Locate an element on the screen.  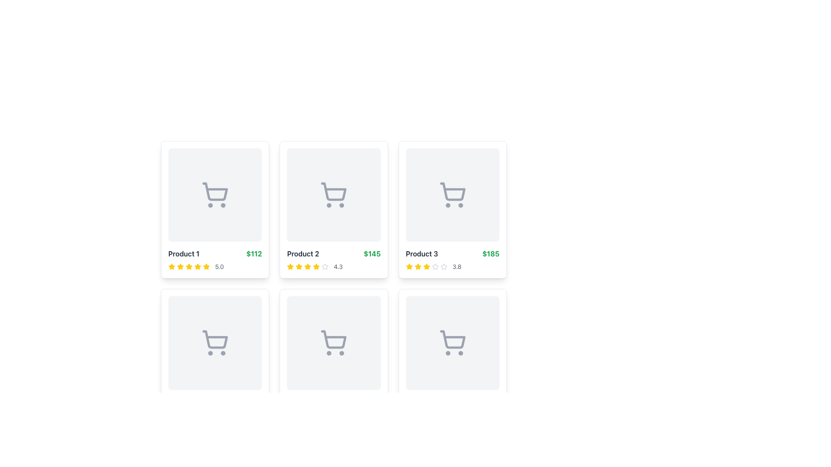
the third star icon in the rating system located below the 'Product 3' label and price is located at coordinates (426, 266).